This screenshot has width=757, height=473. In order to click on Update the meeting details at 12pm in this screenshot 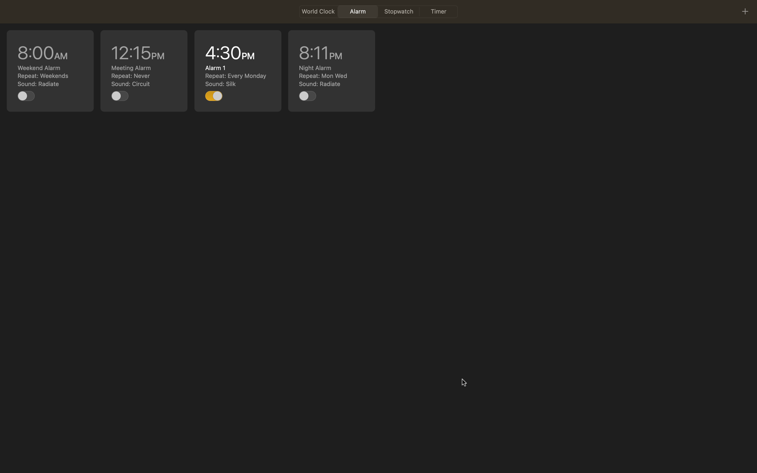, I will do `click(144, 70)`.